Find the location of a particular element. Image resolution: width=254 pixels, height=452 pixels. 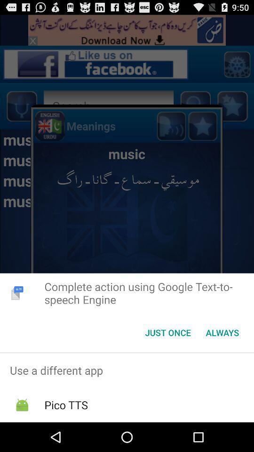

use a different app is located at coordinates (127, 370).